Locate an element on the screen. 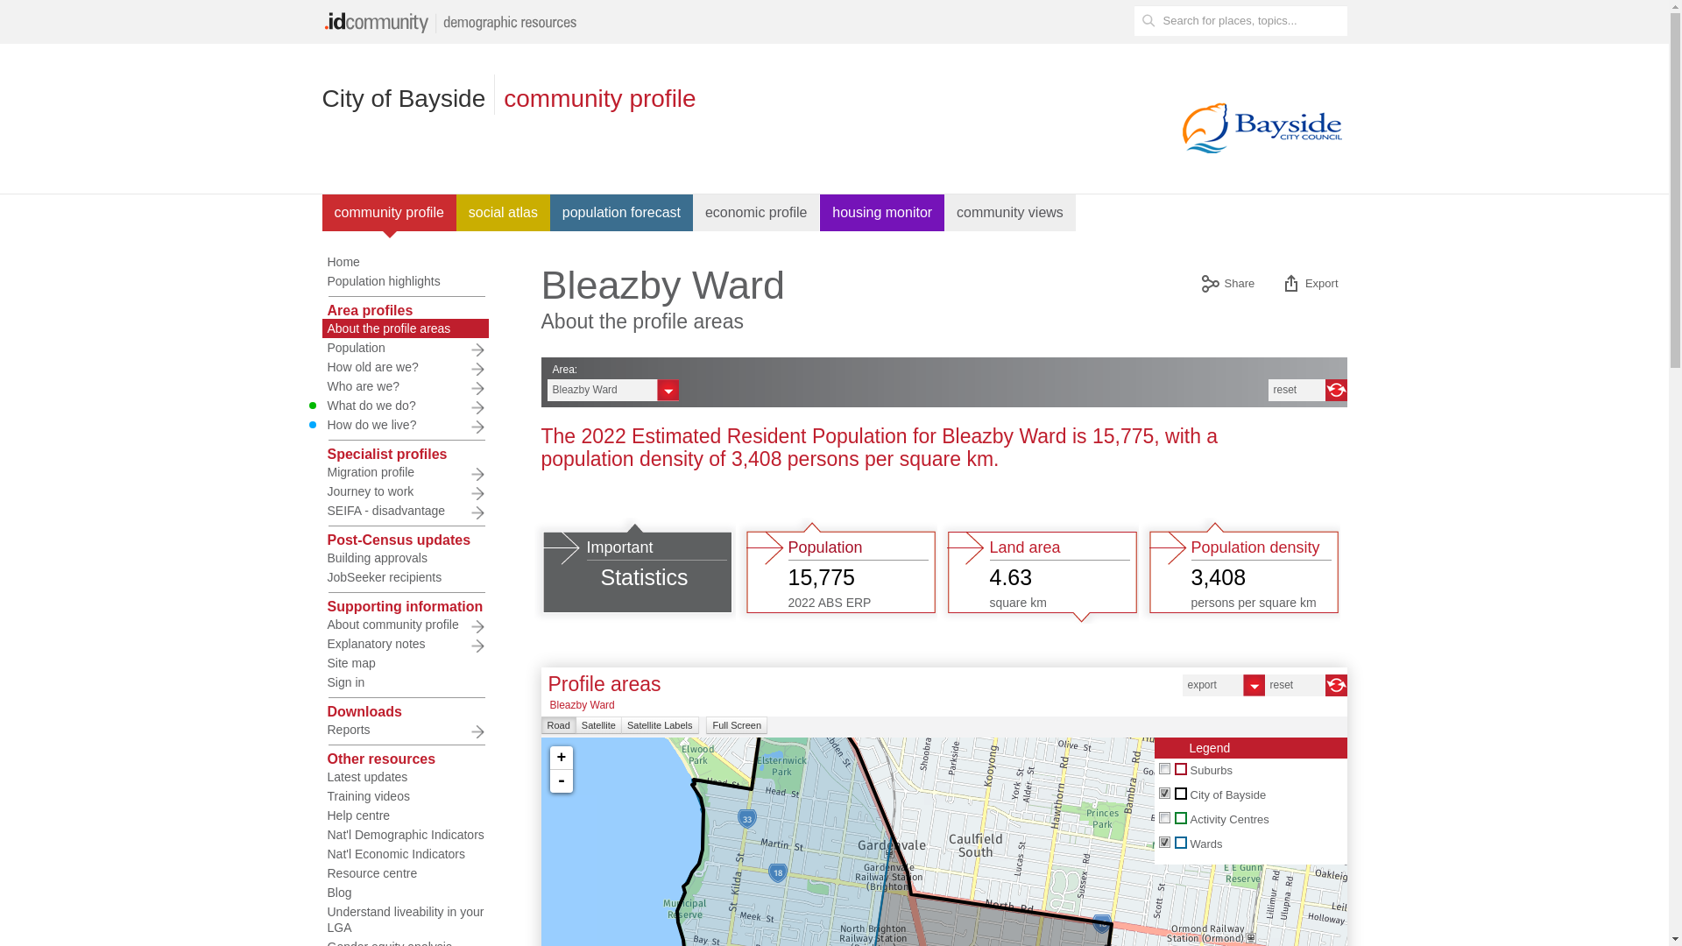 The image size is (1682, 946). 'Road' is located at coordinates (541, 725).